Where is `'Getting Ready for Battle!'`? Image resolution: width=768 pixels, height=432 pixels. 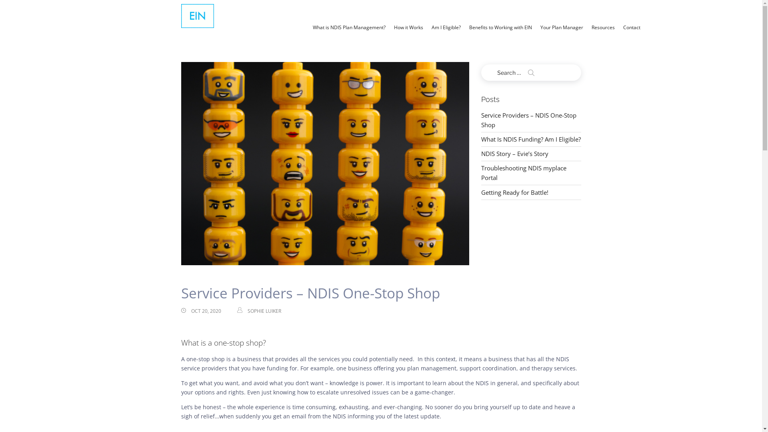
'Getting Ready for Battle!' is located at coordinates (514, 192).